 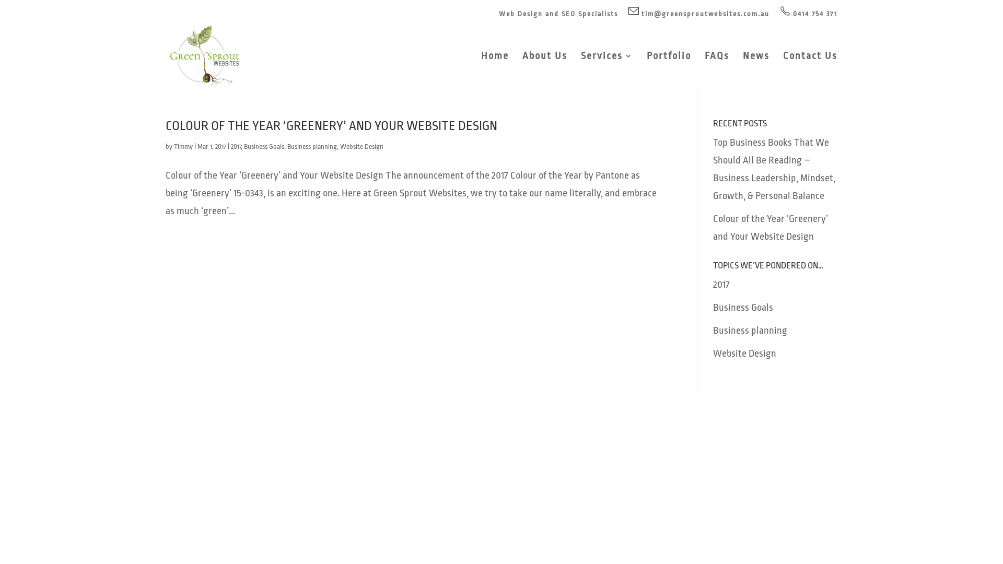 I want to click on 'News', so click(x=756, y=70).